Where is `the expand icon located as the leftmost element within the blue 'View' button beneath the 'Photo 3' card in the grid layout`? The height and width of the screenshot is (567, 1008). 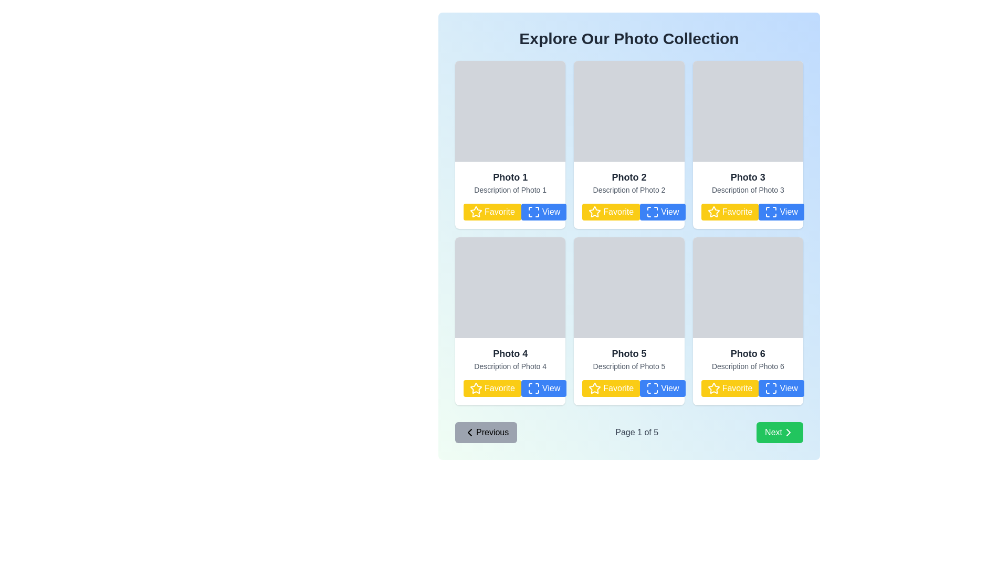
the expand icon located as the leftmost element within the blue 'View' button beneath the 'Photo 3' card in the grid layout is located at coordinates (771, 212).